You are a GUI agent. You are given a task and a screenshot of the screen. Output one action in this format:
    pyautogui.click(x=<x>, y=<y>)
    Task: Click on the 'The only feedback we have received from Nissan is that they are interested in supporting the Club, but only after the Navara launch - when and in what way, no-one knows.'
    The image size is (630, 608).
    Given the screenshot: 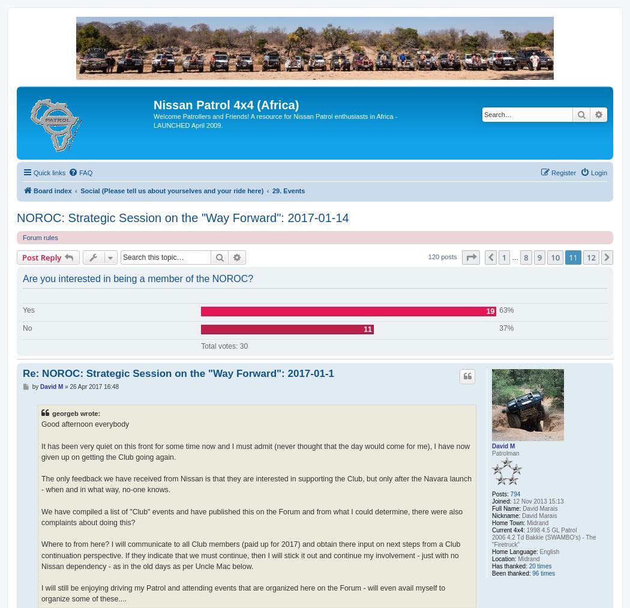 What is the action you would take?
    pyautogui.click(x=256, y=484)
    